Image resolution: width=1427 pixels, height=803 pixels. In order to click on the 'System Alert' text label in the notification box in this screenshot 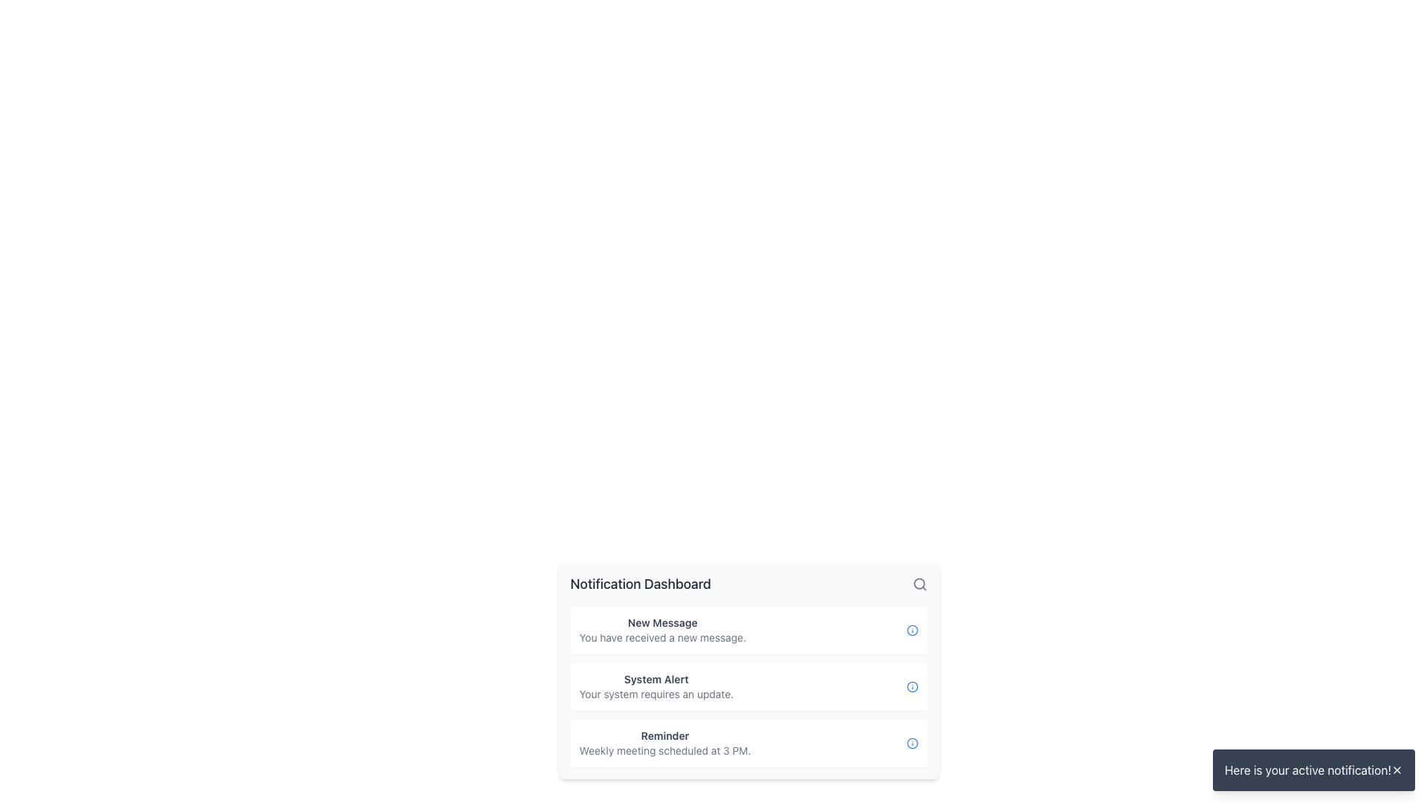, I will do `click(656, 680)`.